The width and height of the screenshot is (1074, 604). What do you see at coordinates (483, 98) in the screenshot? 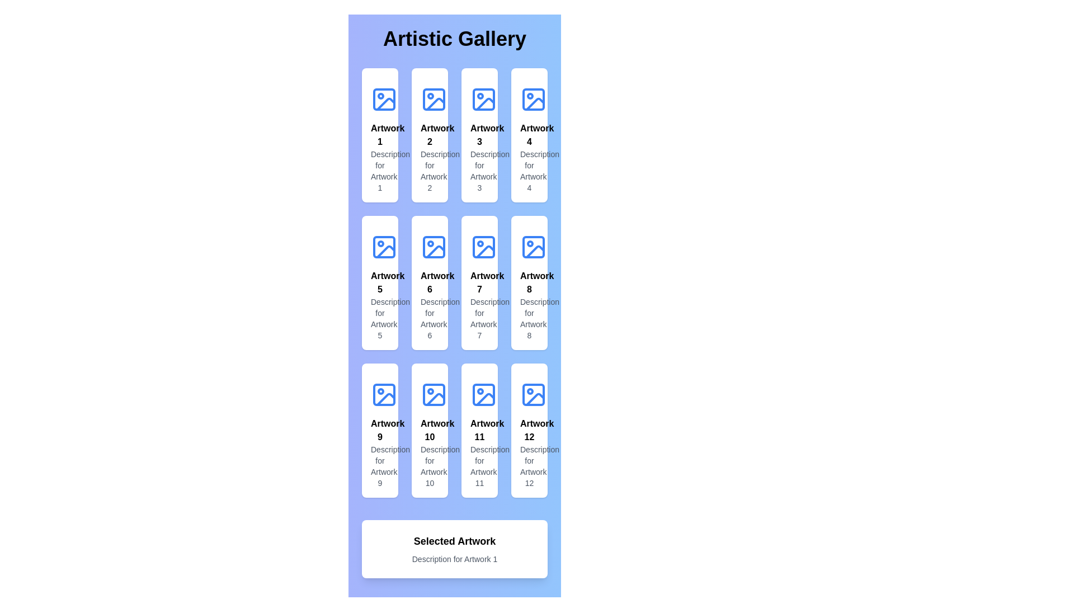
I see `the rounded rectangle icon within the third image icon in the first row of the gallery layout` at bounding box center [483, 98].